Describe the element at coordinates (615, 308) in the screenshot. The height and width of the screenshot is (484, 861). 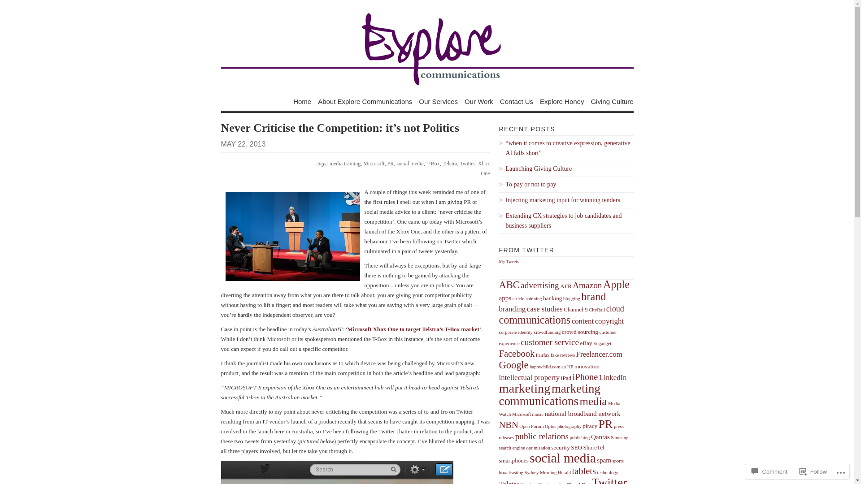
I see `'cloud'` at that location.